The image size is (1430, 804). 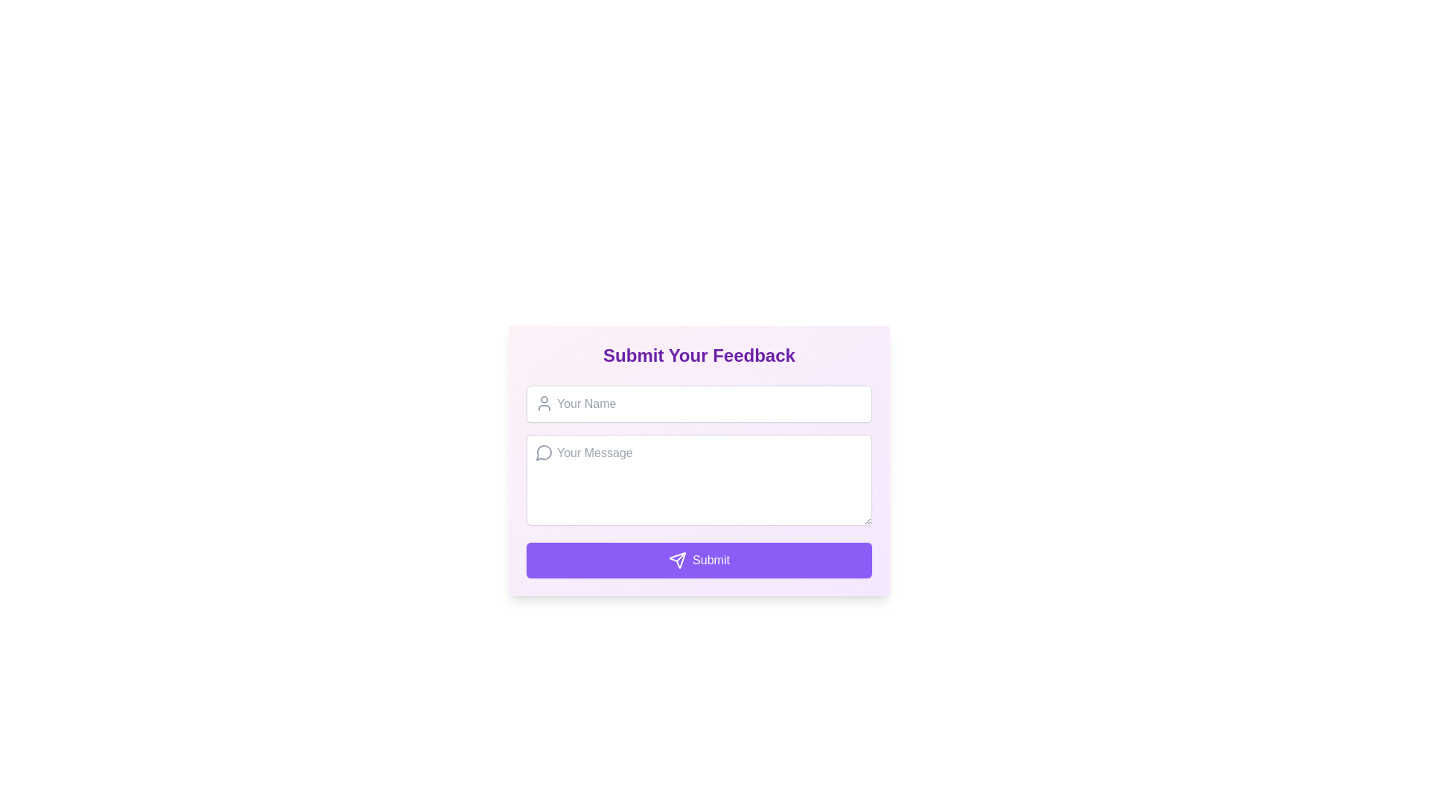 What do you see at coordinates (543, 452) in the screenshot?
I see `the circular speech bubble icon, which is styled in a light gray tone and located on the left side of the 'Your Message' input field in the feedback form` at bounding box center [543, 452].